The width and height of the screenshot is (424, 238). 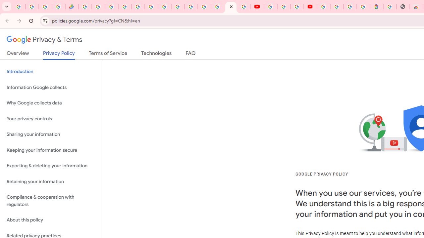 I want to click on 'YouTube', so click(x=271, y=7).